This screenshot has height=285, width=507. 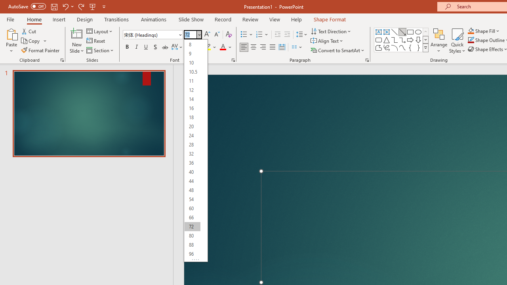 I want to click on '11', so click(x=192, y=81).